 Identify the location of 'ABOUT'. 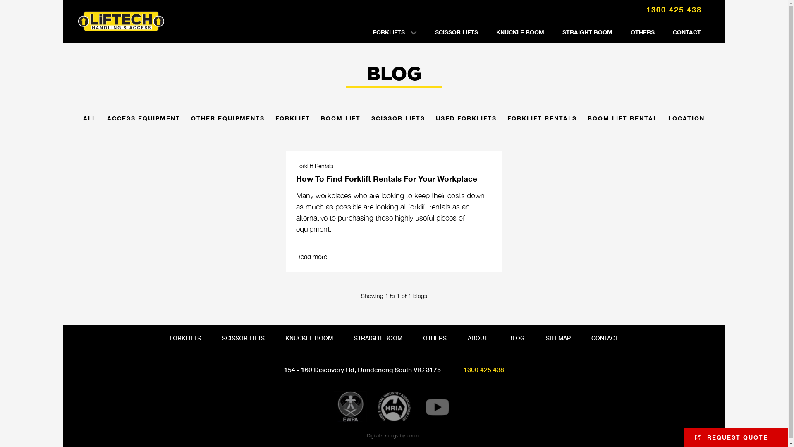
(477, 338).